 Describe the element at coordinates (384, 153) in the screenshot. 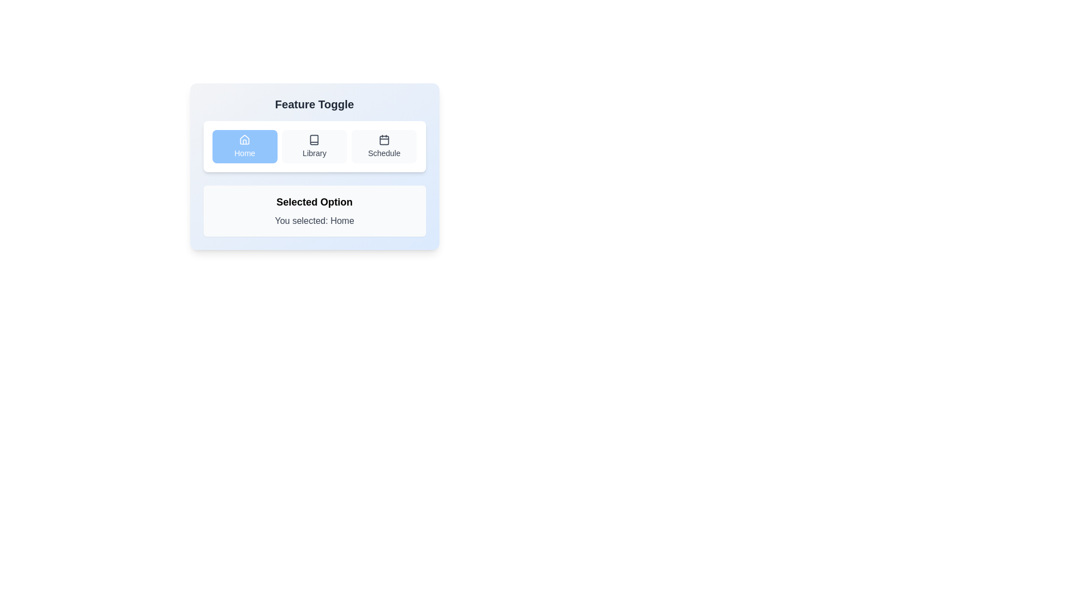

I see `the text label for the third option in the interactive list, which is styled as a button with rounded edges and a light gray background, located to the right of 'Home' and 'Library'` at that location.